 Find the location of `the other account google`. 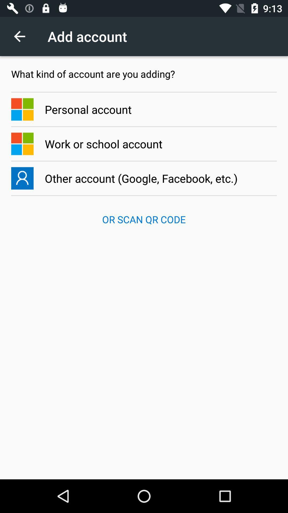

the other account google is located at coordinates (144, 178).